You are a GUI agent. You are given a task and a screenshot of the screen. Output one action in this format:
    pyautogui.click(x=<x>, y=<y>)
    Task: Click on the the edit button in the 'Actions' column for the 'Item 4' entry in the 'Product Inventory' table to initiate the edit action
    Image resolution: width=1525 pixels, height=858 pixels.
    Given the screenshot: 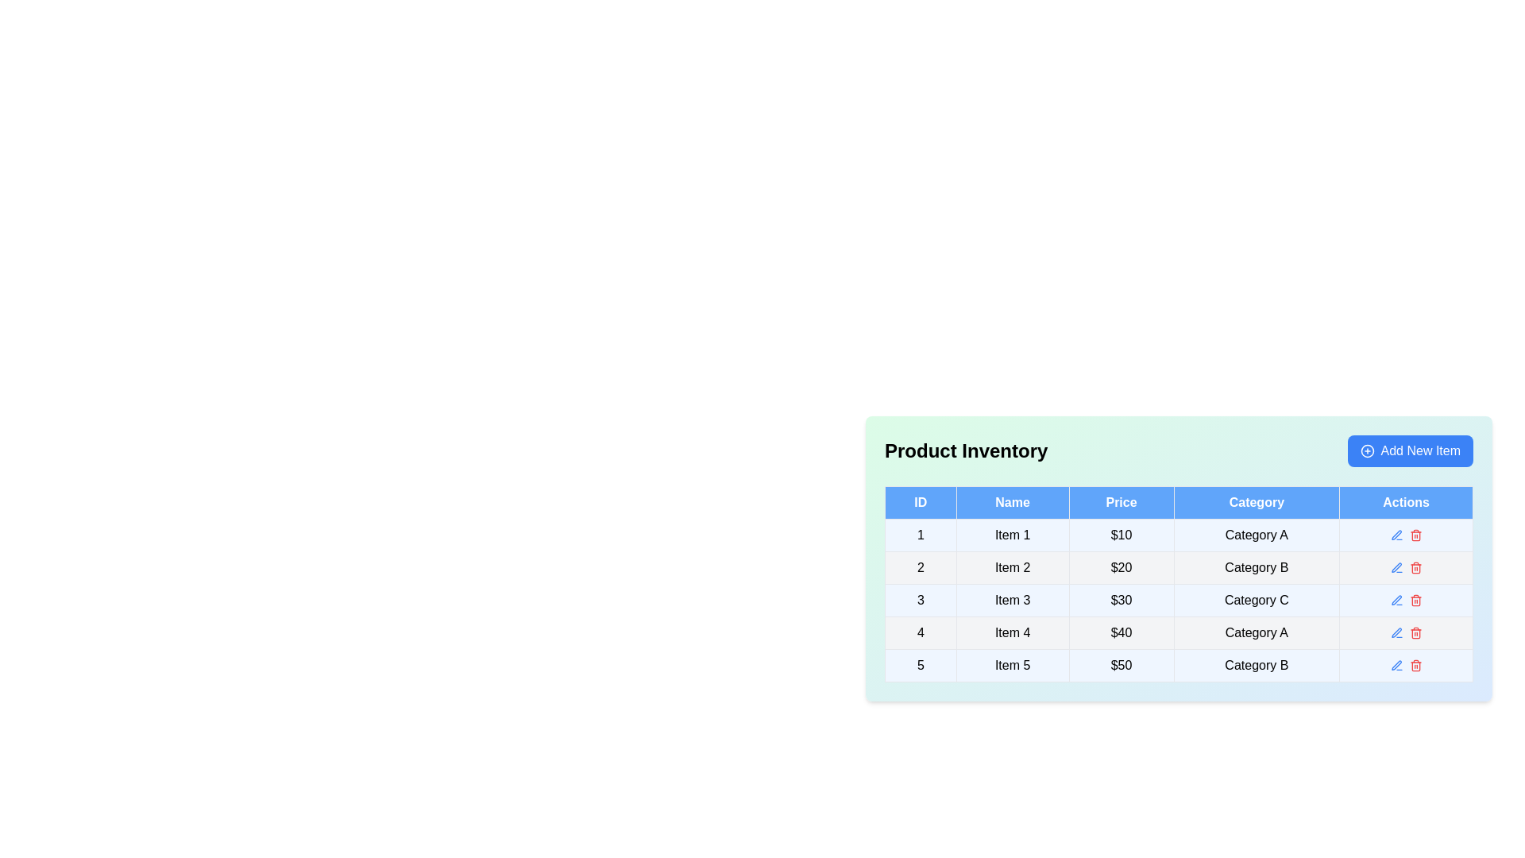 What is the action you would take?
    pyautogui.click(x=1396, y=632)
    